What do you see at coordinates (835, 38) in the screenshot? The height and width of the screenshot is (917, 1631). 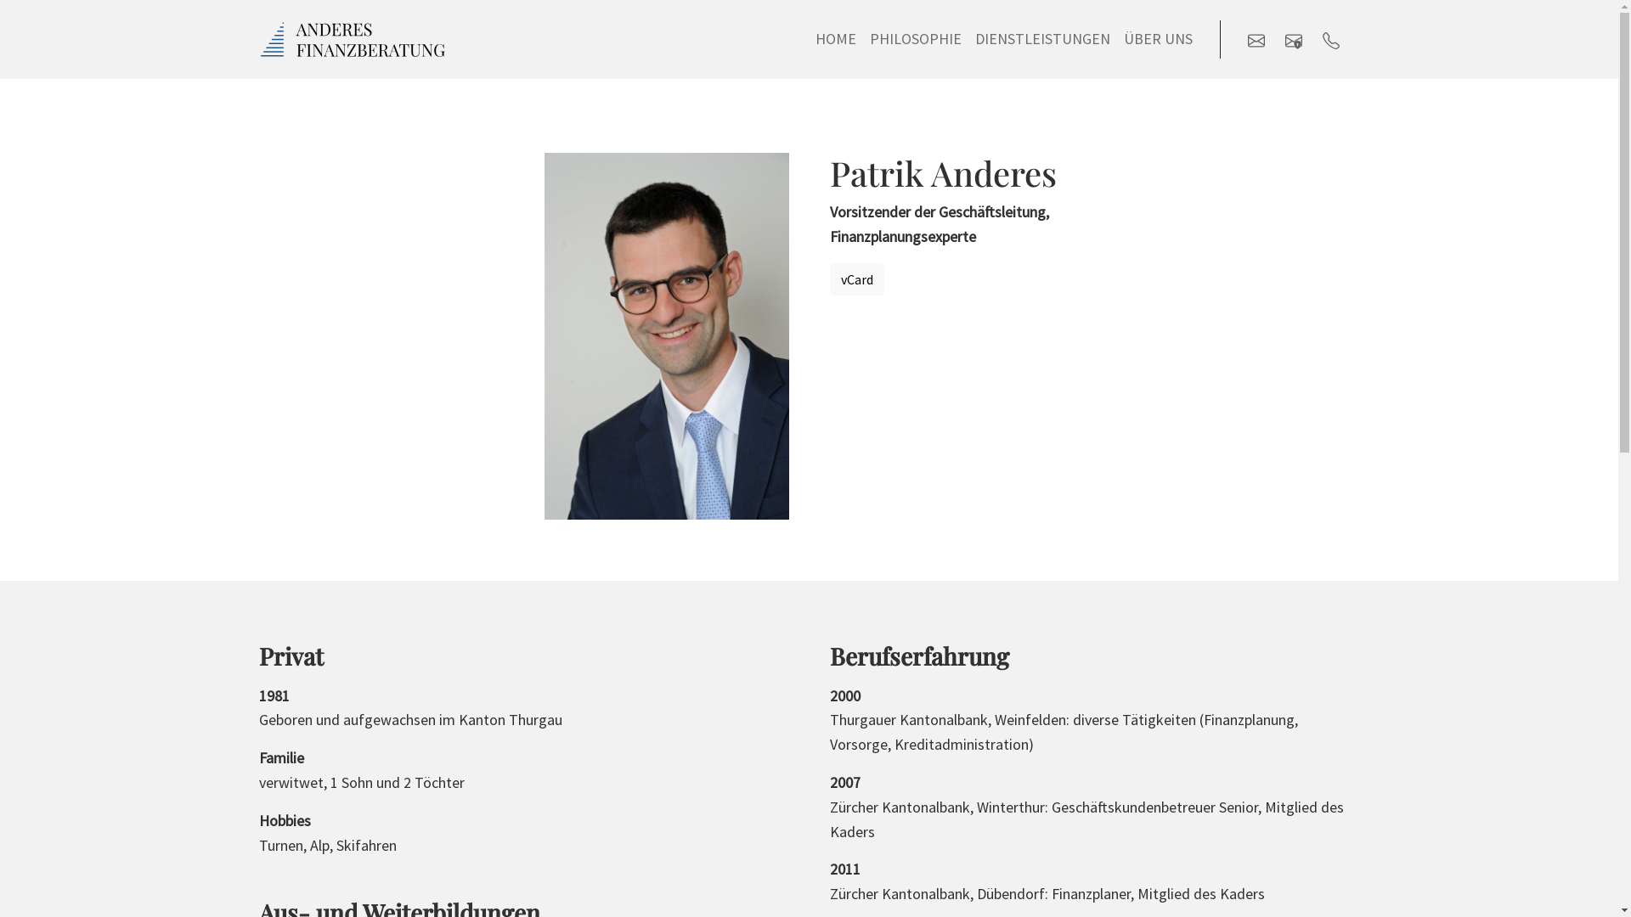 I see `'HOME'` at bounding box center [835, 38].